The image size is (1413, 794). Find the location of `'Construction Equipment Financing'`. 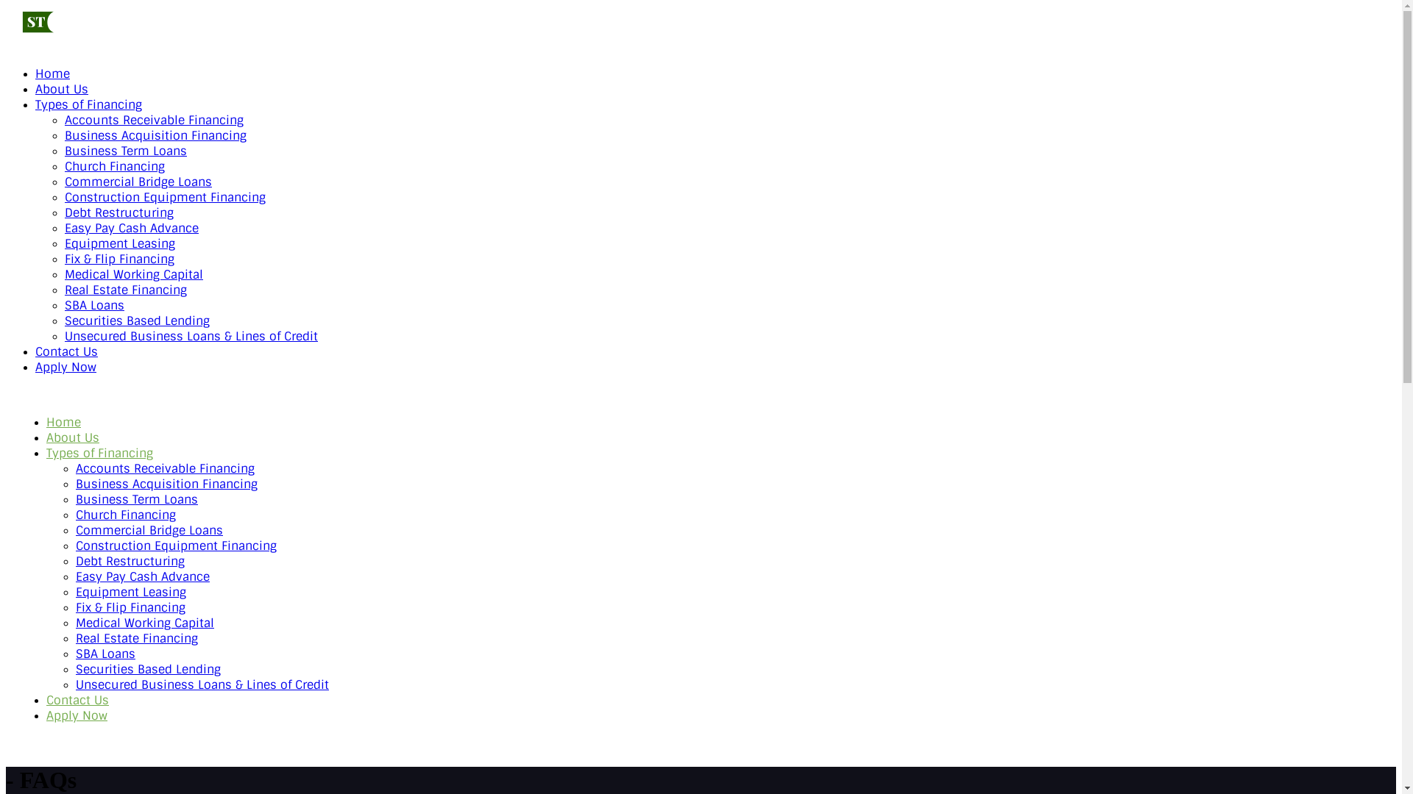

'Construction Equipment Financing' is located at coordinates (63, 196).